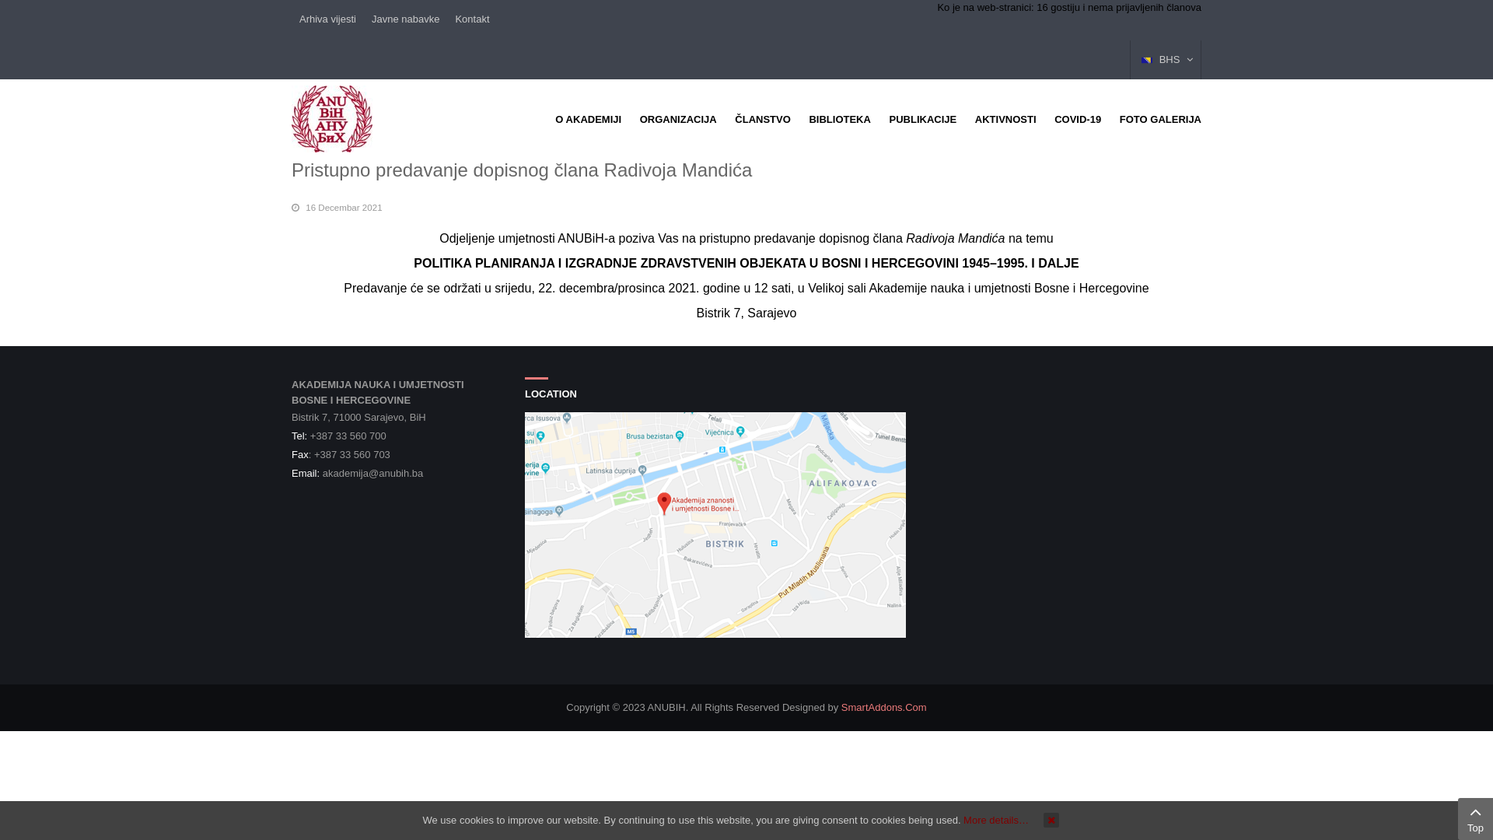  Describe the element at coordinates (678, 119) in the screenshot. I see `'ORGANIZACIJA'` at that location.